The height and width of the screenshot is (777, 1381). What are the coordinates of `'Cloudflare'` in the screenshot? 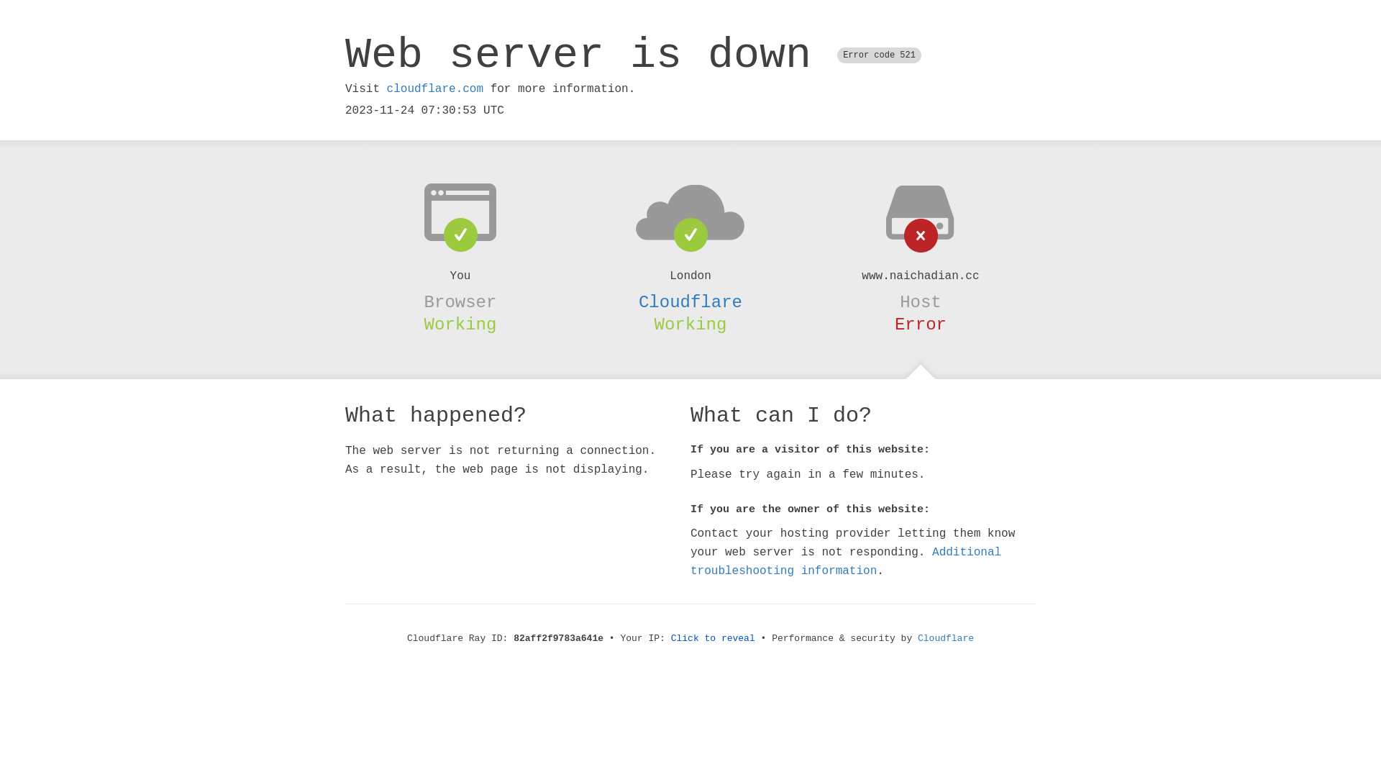 It's located at (690, 301).